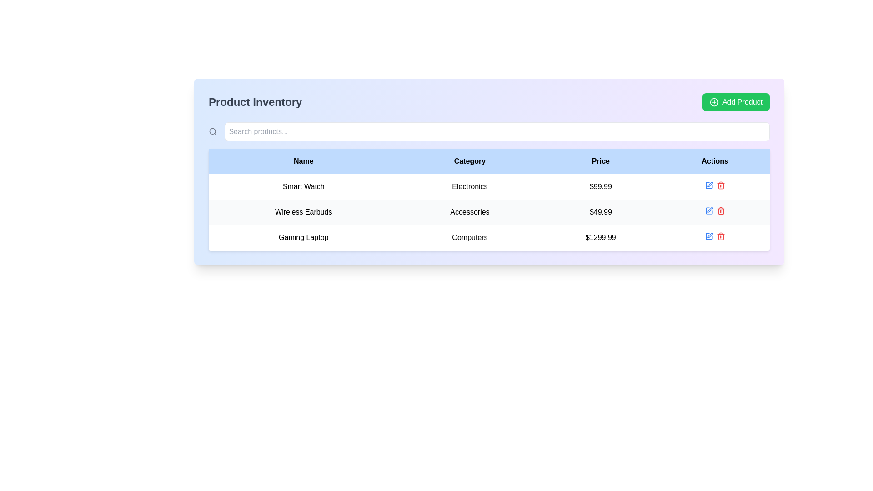 This screenshot has height=491, width=873. What do you see at coordinates (470, 212) in the screenshot?
I see `text element displaying 'Accessories', which is located in the second row of the table under the 'Category' column, positioned between 'Wireless Earbuds' and '$49.99'` at bounding box center [470, 212].